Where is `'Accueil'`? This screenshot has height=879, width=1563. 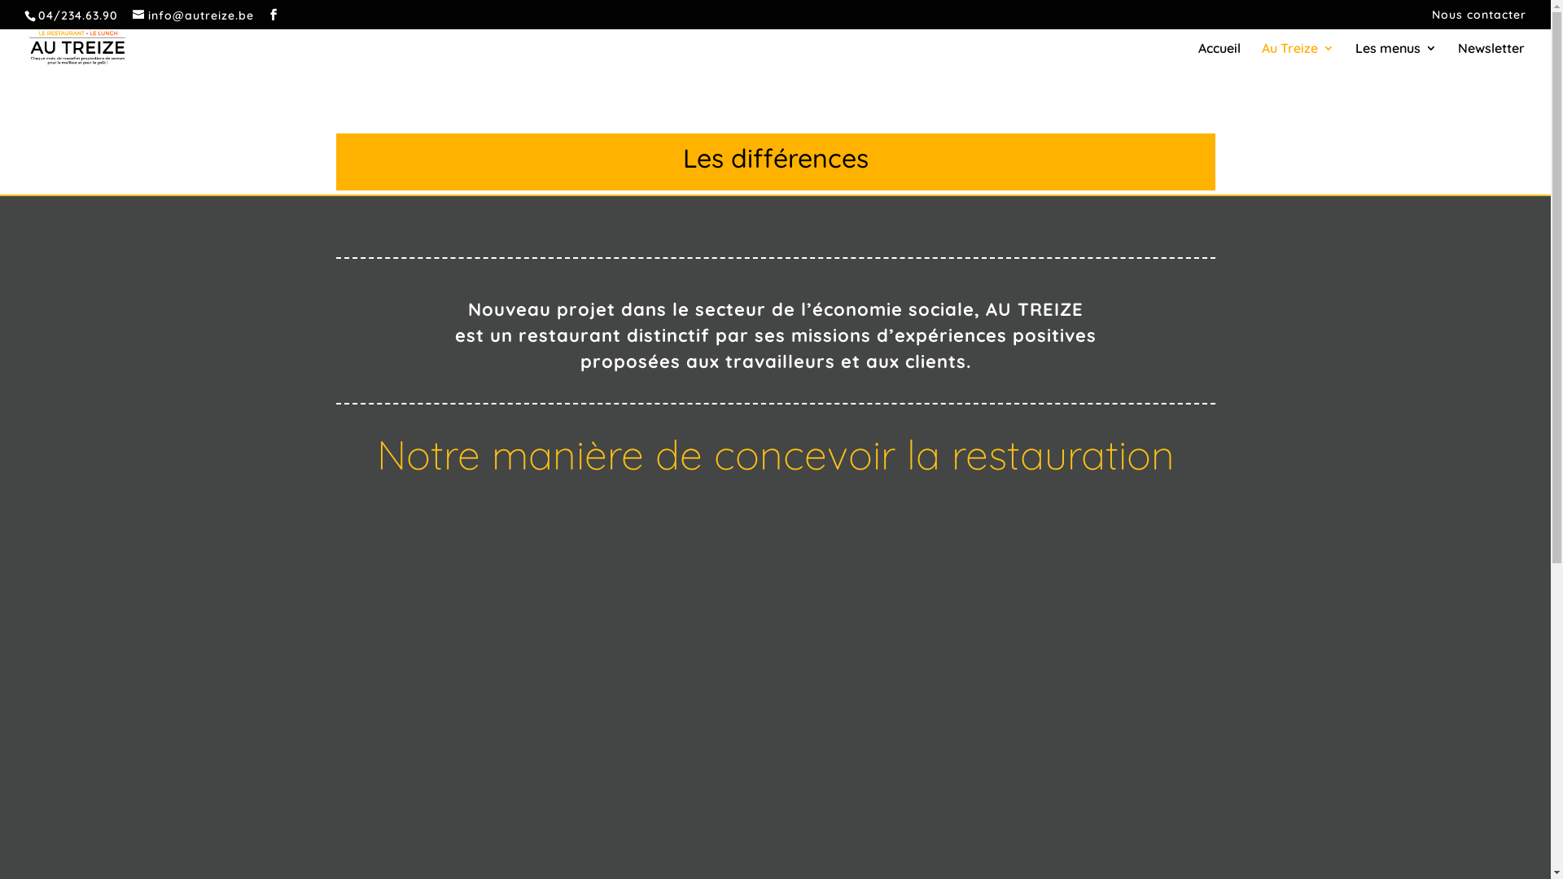
'Accueil' is located at coordinates (1198, 55).